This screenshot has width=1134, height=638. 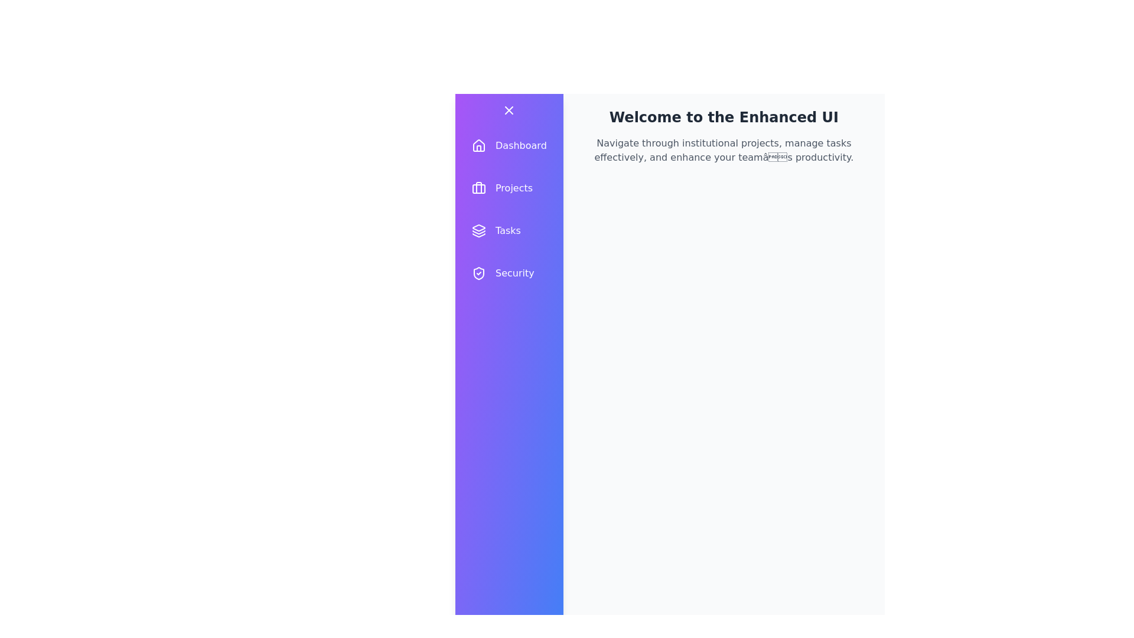 I want to click on the house-shaped icon located in the left vertical navigation bar, which is the first icon above the label 'Dashboard', so click(x=479, y=145).